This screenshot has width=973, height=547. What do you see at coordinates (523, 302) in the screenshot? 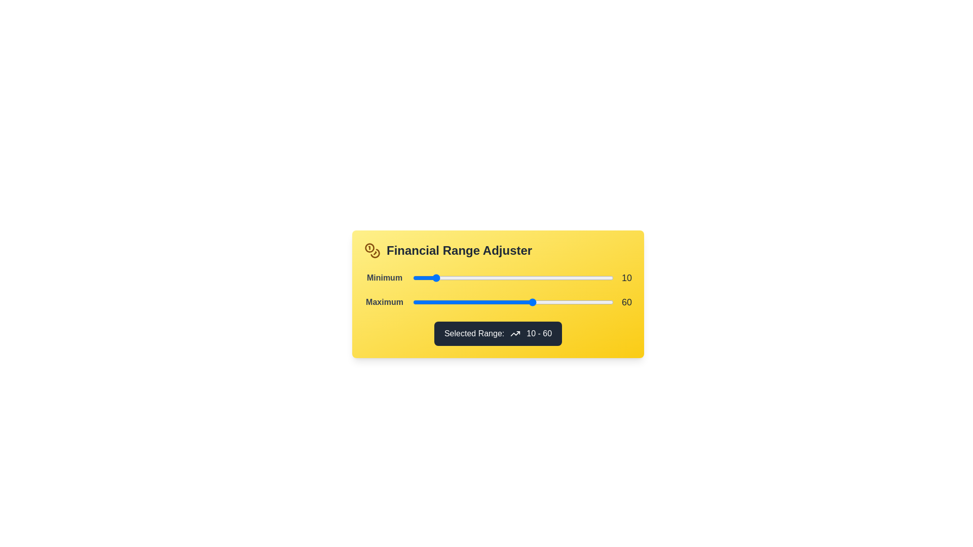
I see `the 'Maximum' range slider to 55` at bounding box center [523, 302].